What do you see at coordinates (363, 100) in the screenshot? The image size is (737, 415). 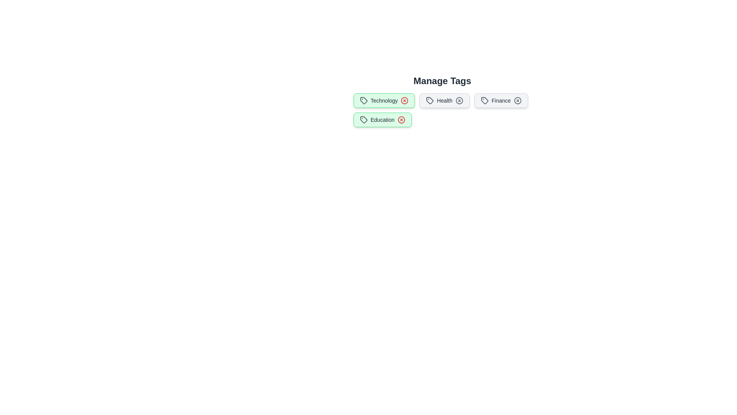 I see `the icon within the tag labeled Technology` at bounding box center [363, 100].